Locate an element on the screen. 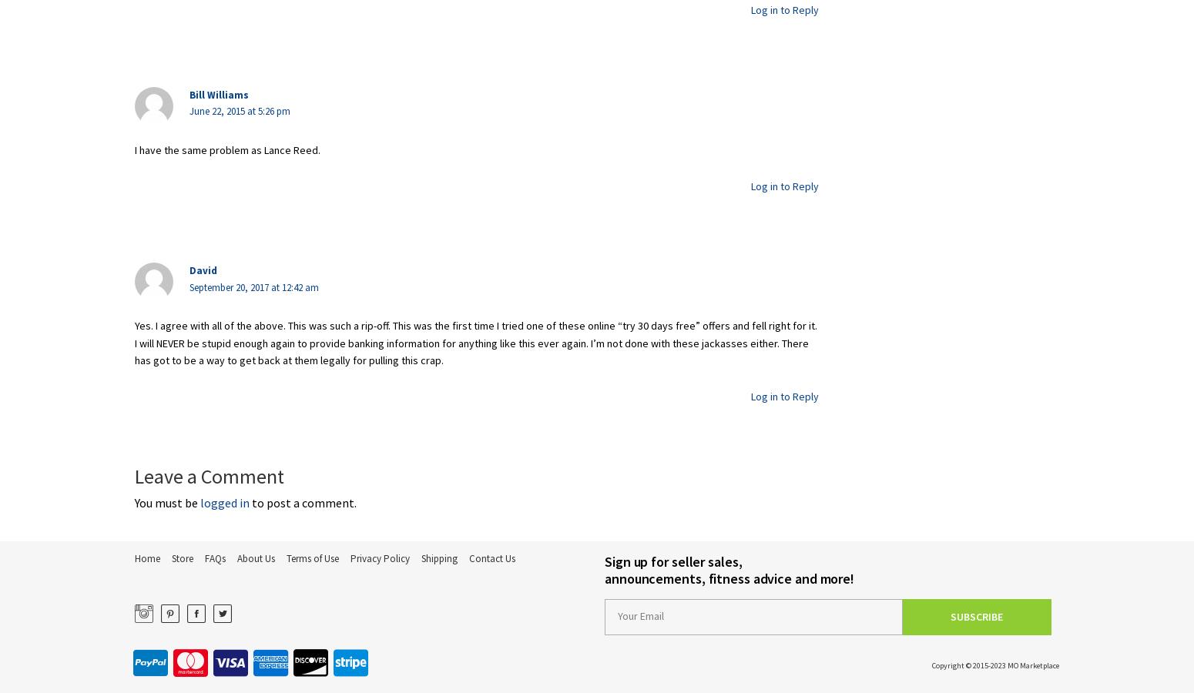  'David' is located at coordinates (203, 270).